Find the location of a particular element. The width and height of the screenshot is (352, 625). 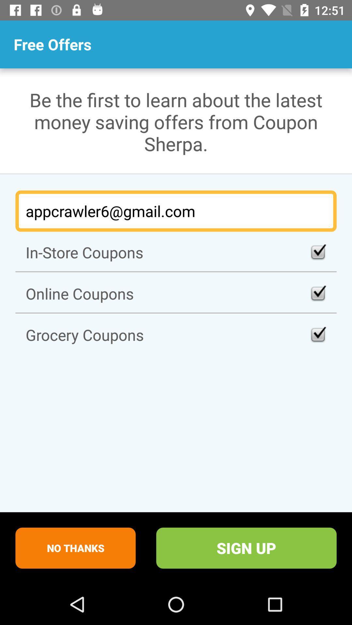

sign up item is located at coordinates (246, 548).